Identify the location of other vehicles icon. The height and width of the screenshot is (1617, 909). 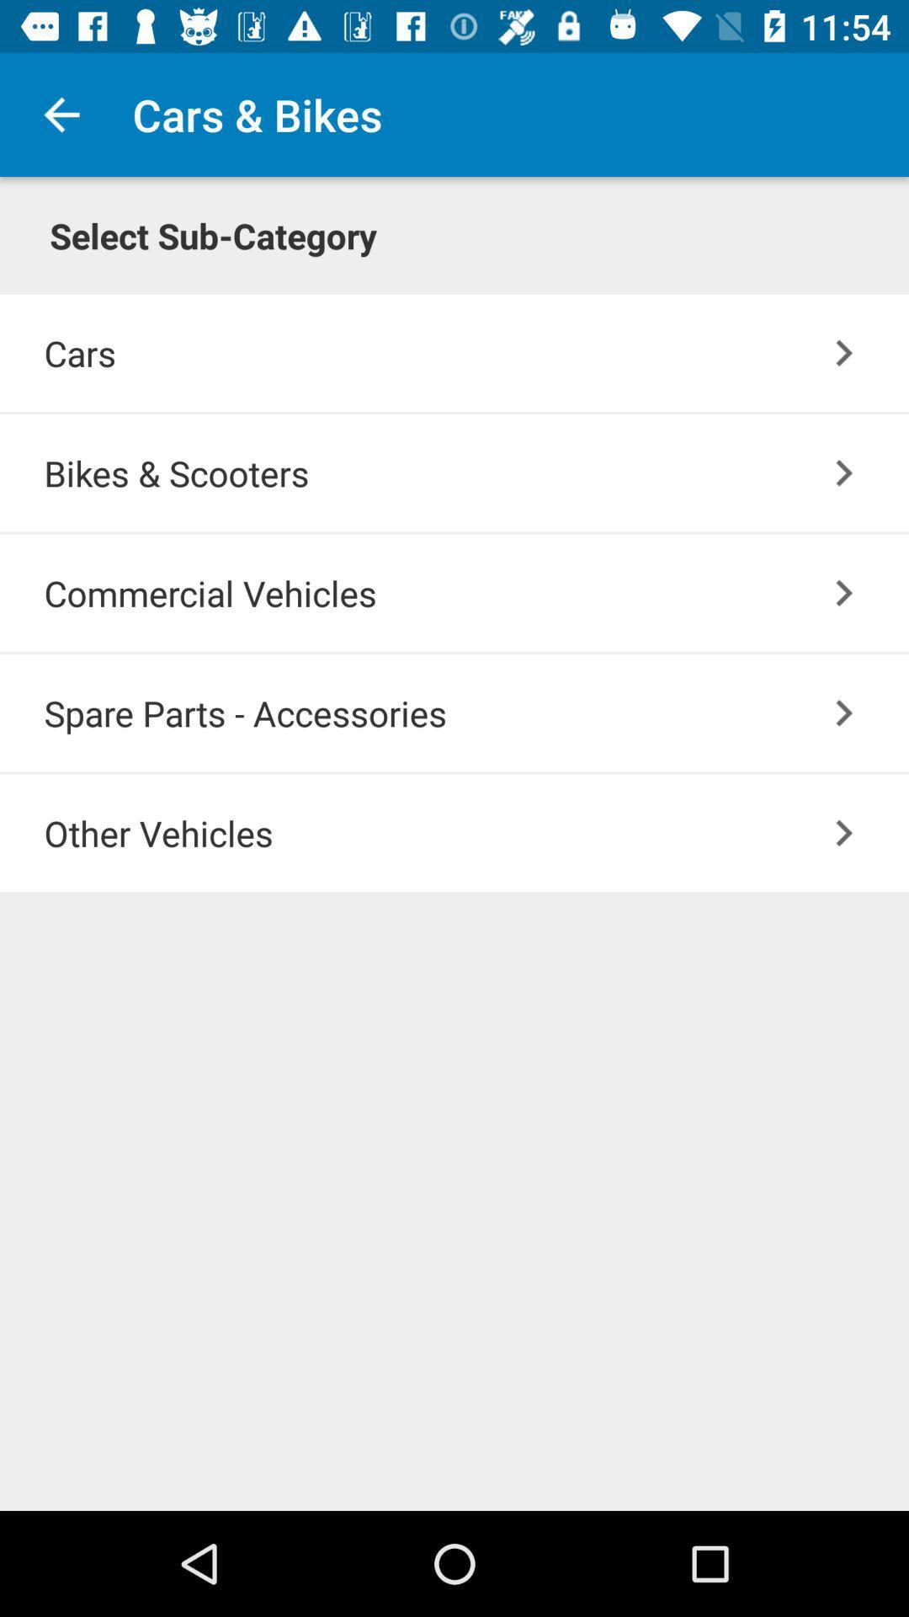
(476, 833).